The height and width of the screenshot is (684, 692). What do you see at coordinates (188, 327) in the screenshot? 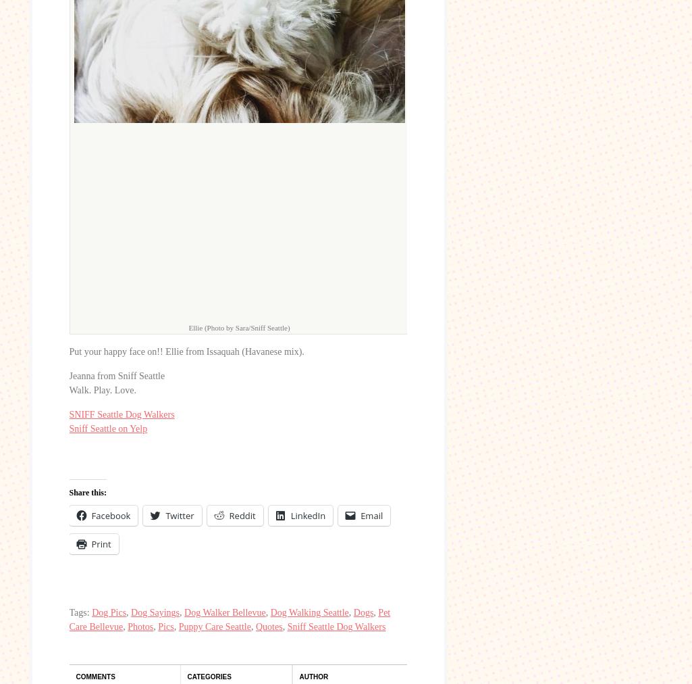
I see `'Ellie (Photo by Sara/Sniff Seattle)'` at bounding box center [188, 327].